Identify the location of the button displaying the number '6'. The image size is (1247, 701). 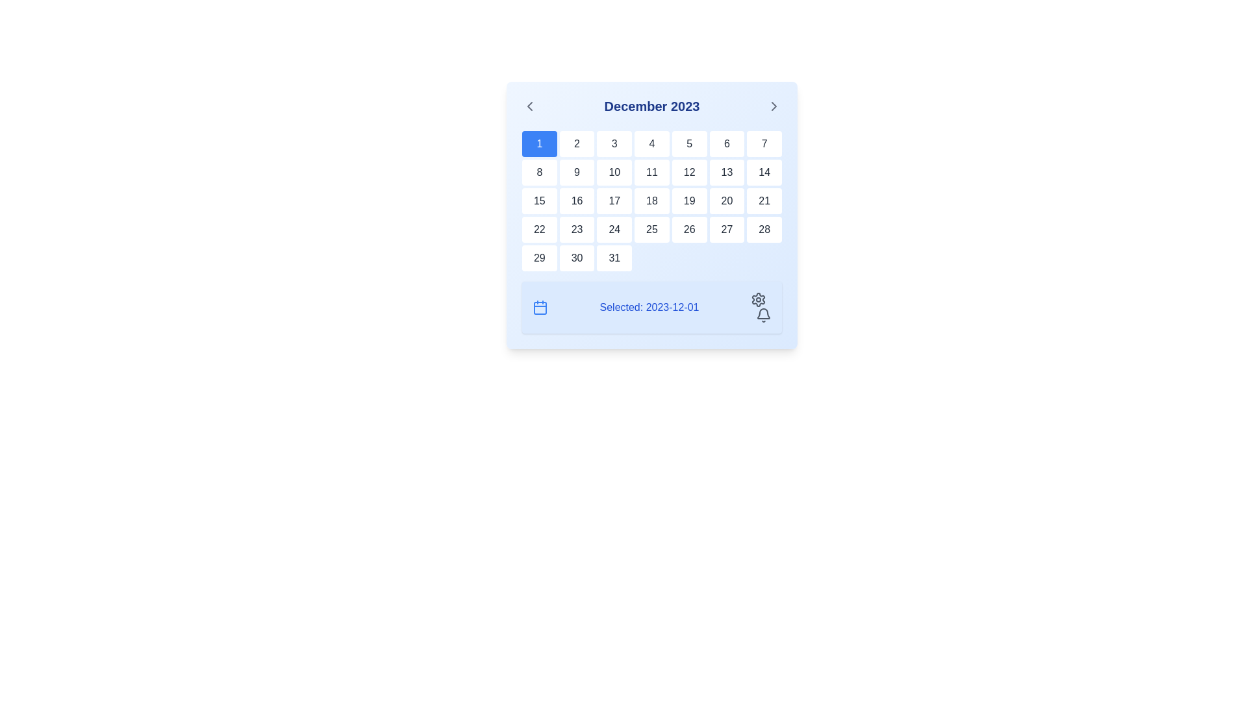
(726, 144).